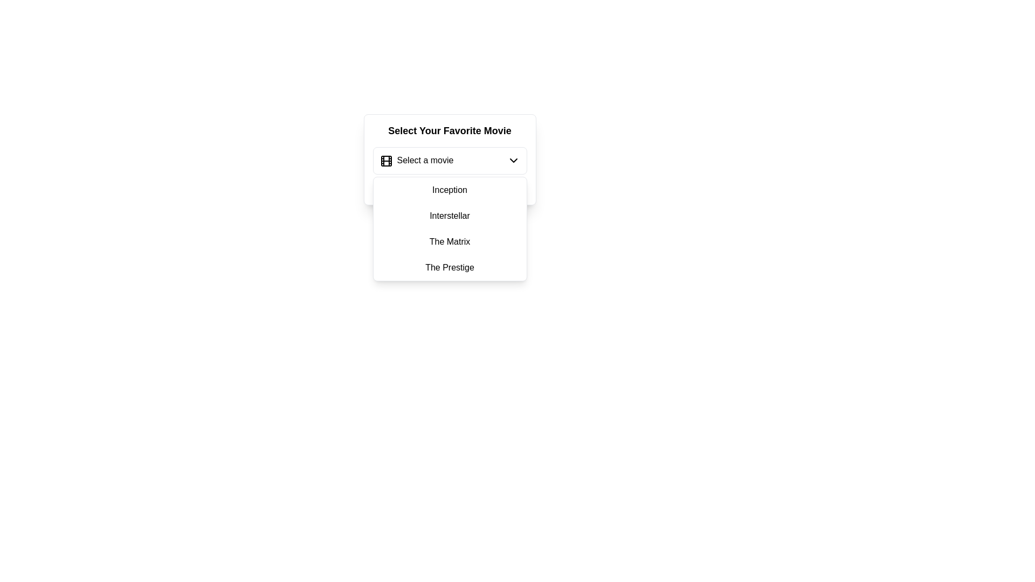 The image size is (1035, 582). What do you see at coordinates (450, 189) in the screenshot?
I see `the first selectable option 'Inception' in the dropdown menu titled 'Select Your Favorite Movie'` at bounding box center [450, 189].